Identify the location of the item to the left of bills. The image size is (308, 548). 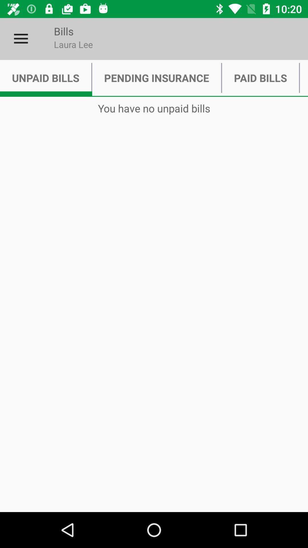
(21, 39).